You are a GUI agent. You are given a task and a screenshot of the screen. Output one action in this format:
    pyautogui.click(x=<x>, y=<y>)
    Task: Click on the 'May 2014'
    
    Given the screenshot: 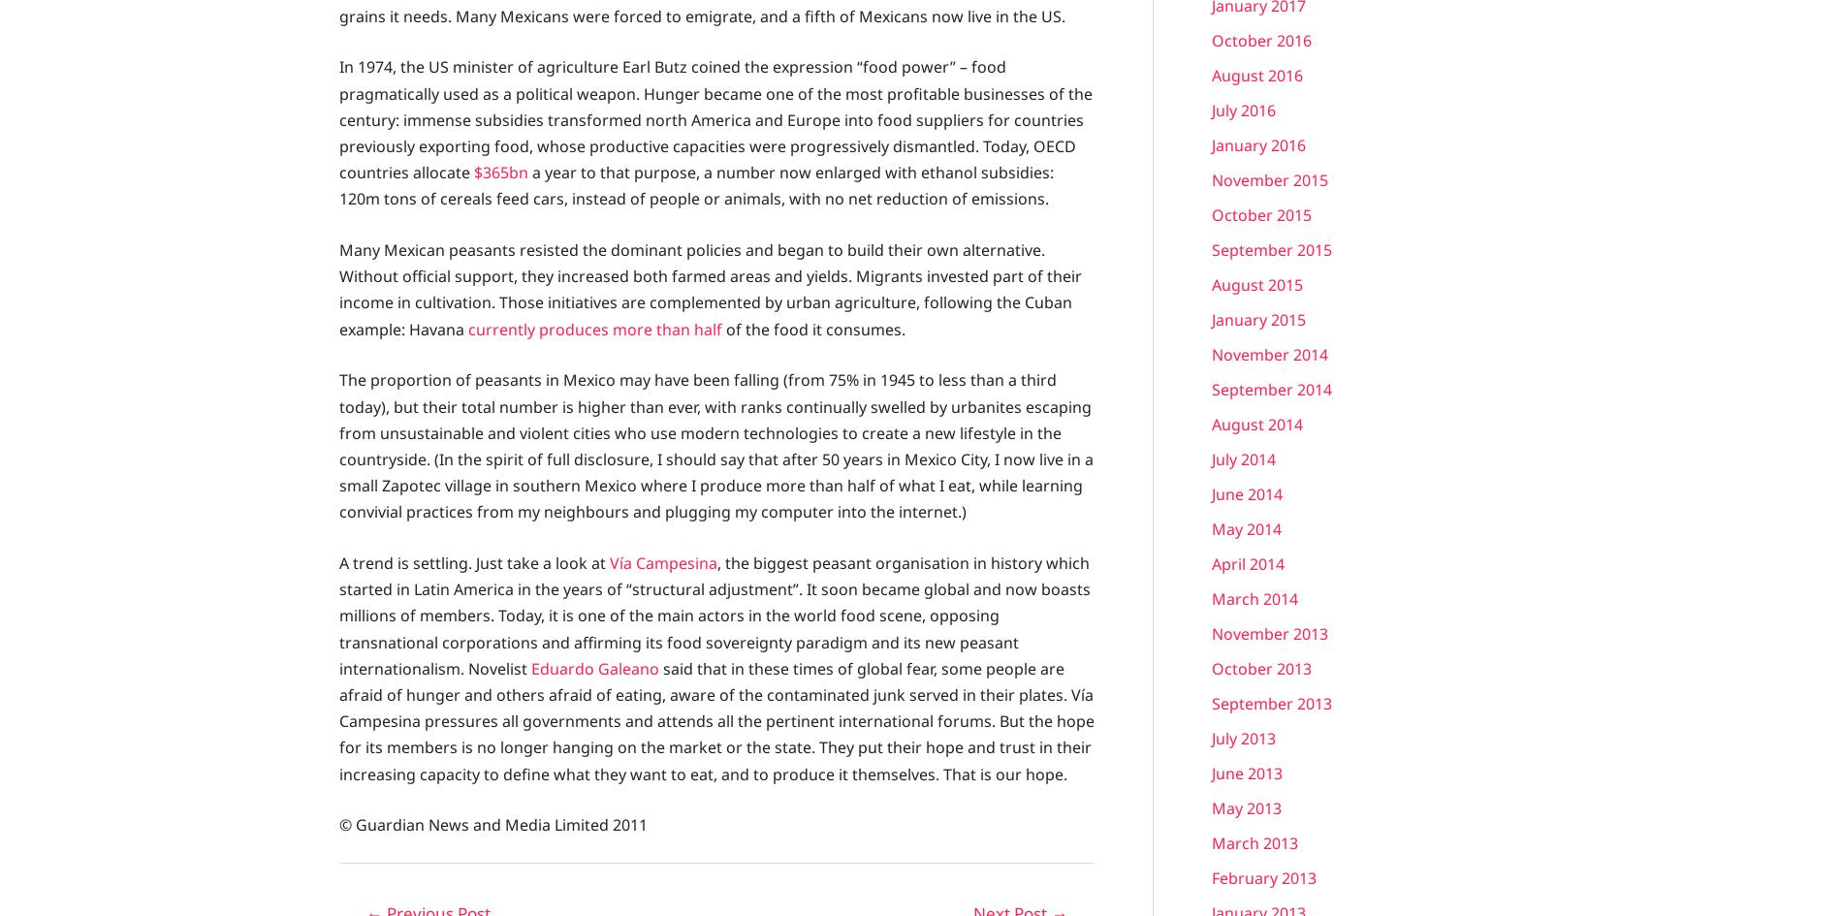 What is the action you would take?
    pyautogui.click(x=1245, y=527)
    